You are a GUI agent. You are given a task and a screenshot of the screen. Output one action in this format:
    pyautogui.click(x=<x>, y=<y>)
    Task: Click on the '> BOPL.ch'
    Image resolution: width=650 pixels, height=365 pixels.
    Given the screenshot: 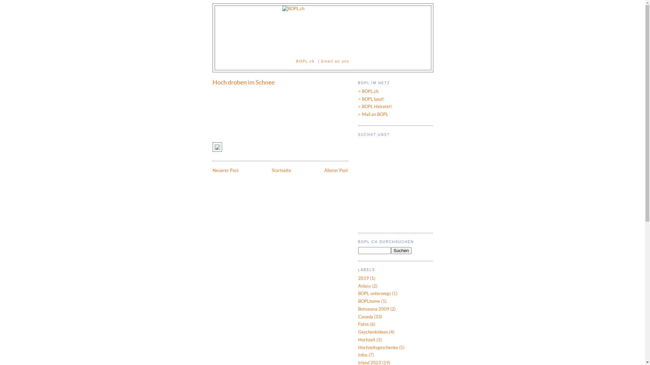 What is the action you would take?
    pyautogui.click(x=357, y=91)
    